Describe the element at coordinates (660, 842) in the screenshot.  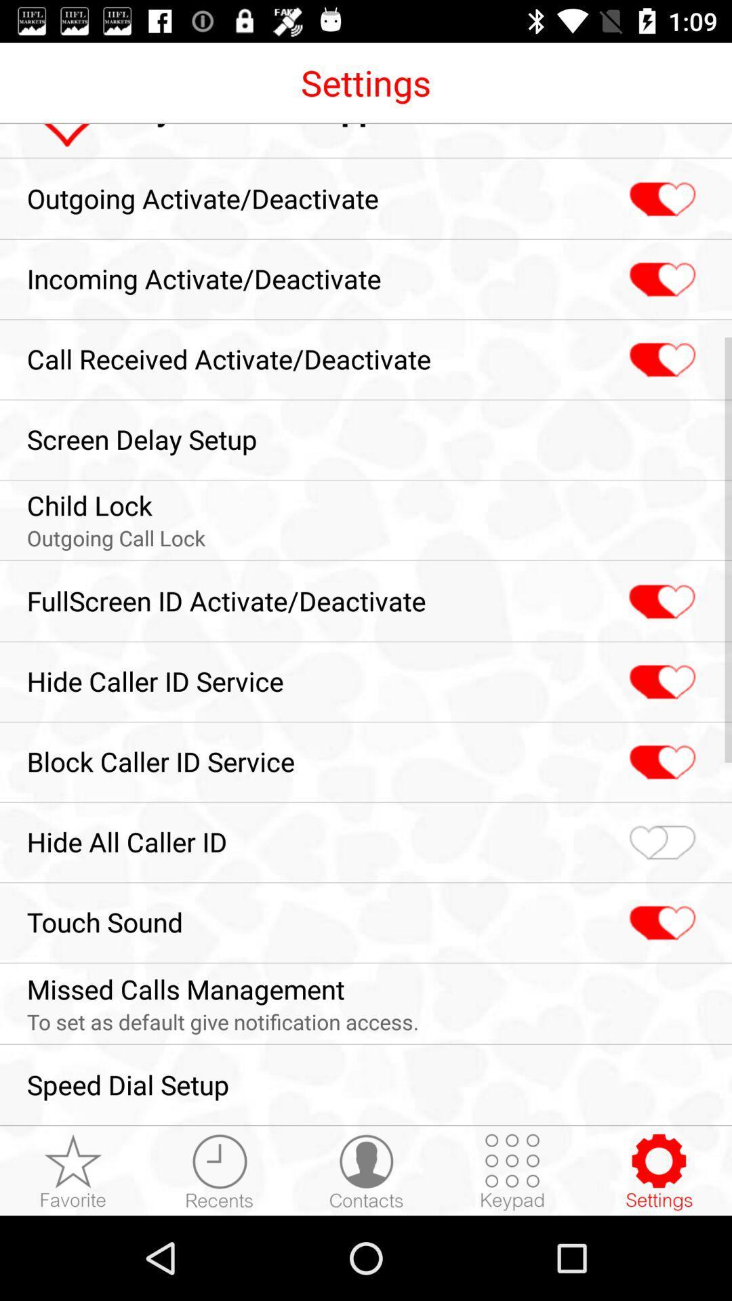
I see `the favorite icon` at that location.